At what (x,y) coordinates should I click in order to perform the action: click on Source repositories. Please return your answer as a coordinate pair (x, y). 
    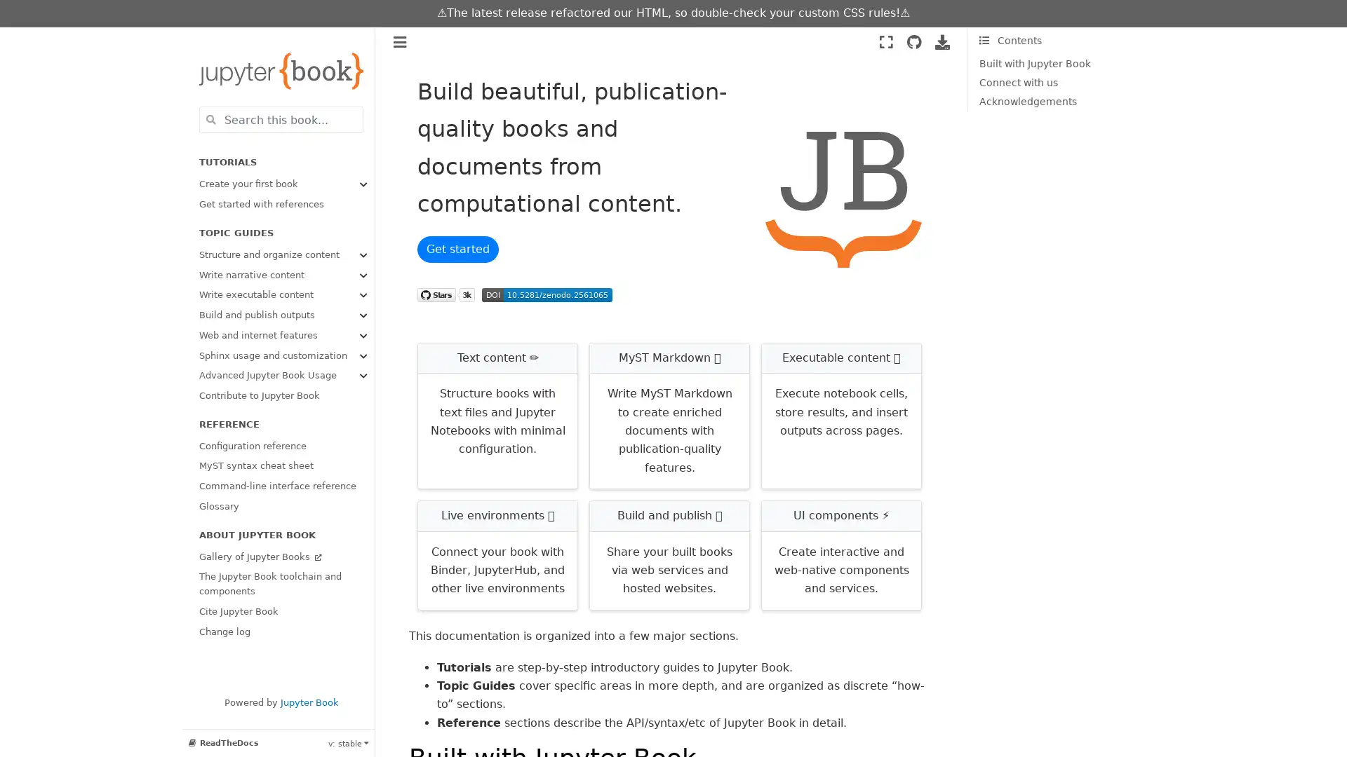
    Looking at the image, I should click on (913, 41).